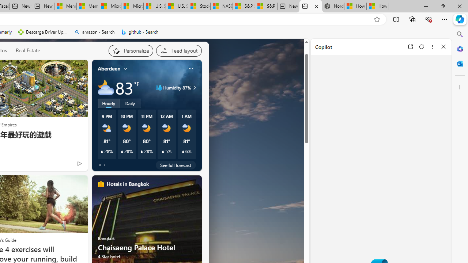  What do you see at coordinates (104, 165) in the screenshot?
I see `'tab-1'` at bounding box center [104, 165].